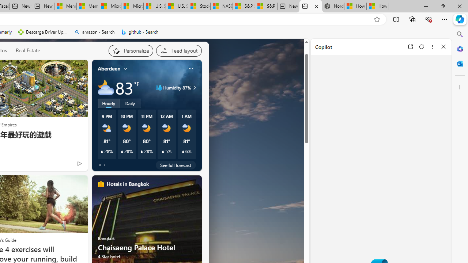  What do you see at coordinates (104, 165) in the screenshot?
I see `'tab-1'` at bounding box center [104, 165].